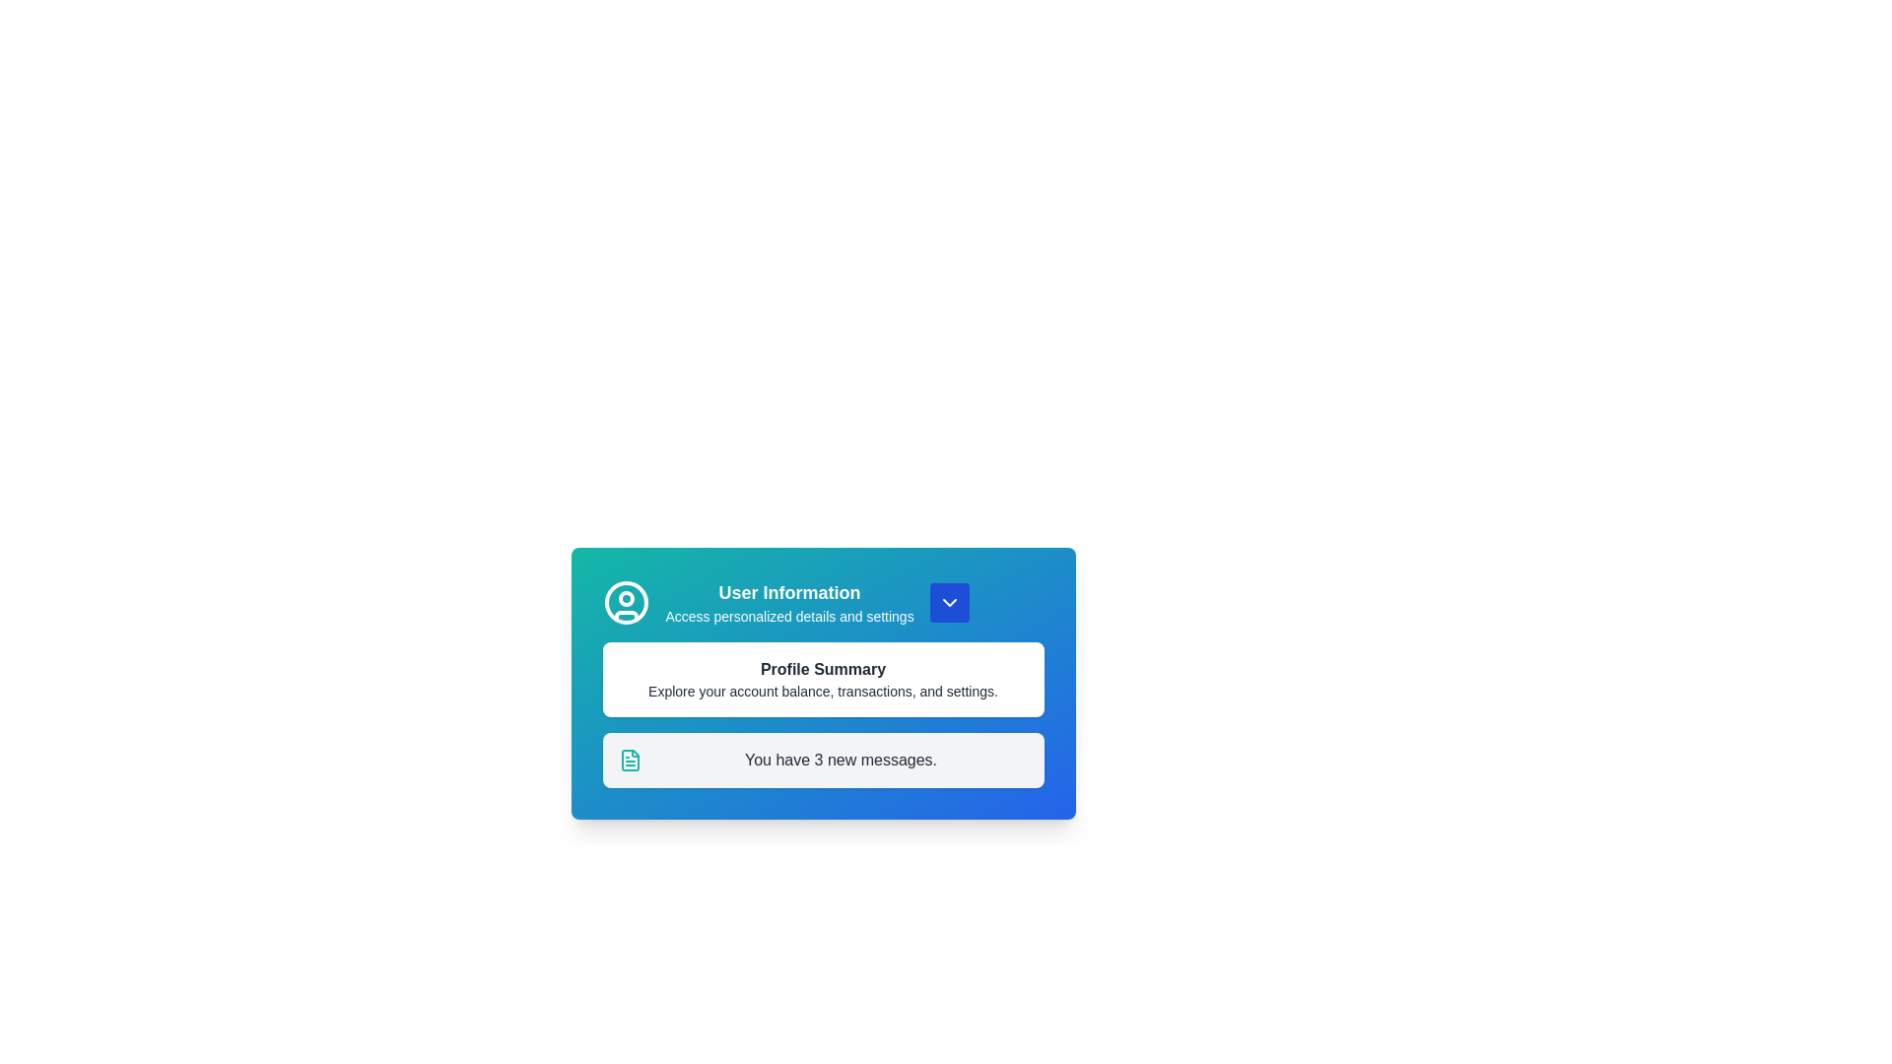  What do you see at coordinates (949, 602) in the screenshot?
I see `the dropdown toggle button located on the right side of the 'User Information' text` at bounding box center [949, 602].